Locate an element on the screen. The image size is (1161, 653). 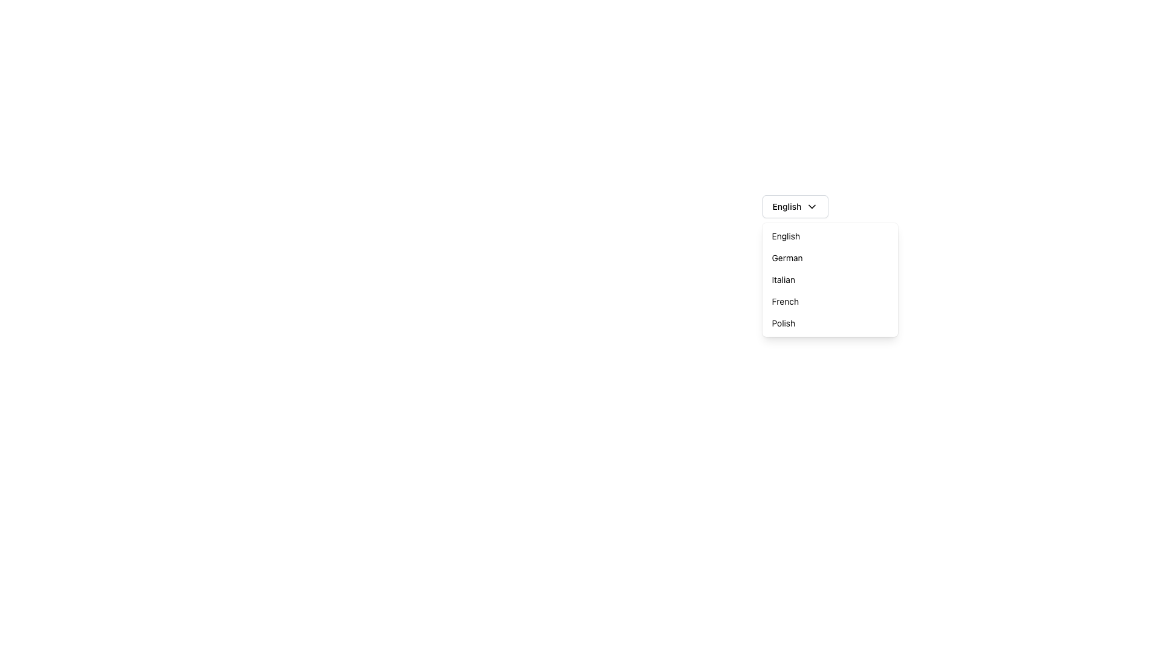
the 'Polish' dropdown menu item, which is the last option in a vertically arranged dropdown menu is located at coordinates (829, 323).